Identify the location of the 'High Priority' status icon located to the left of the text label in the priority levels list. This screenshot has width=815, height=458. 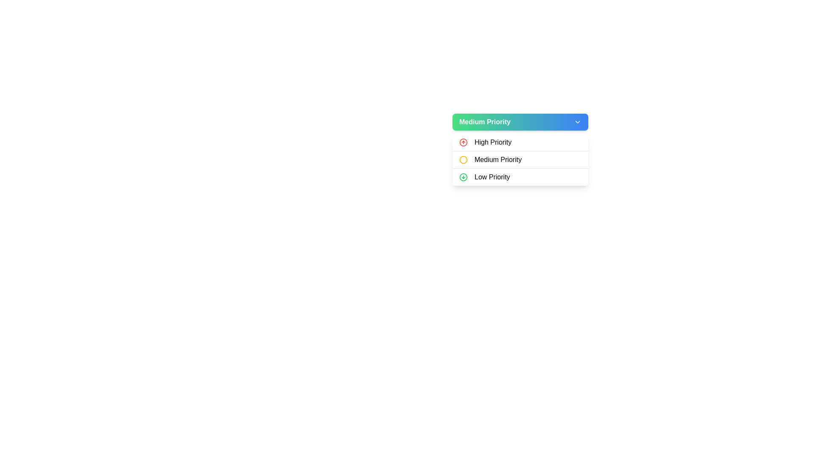
(463, 142).